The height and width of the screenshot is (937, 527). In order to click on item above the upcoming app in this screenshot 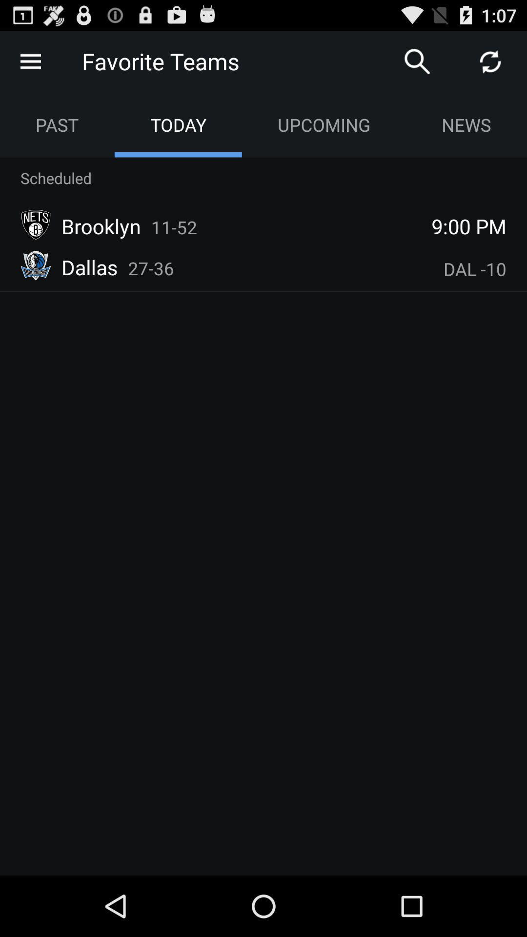, I will do `click(417, 61)`.